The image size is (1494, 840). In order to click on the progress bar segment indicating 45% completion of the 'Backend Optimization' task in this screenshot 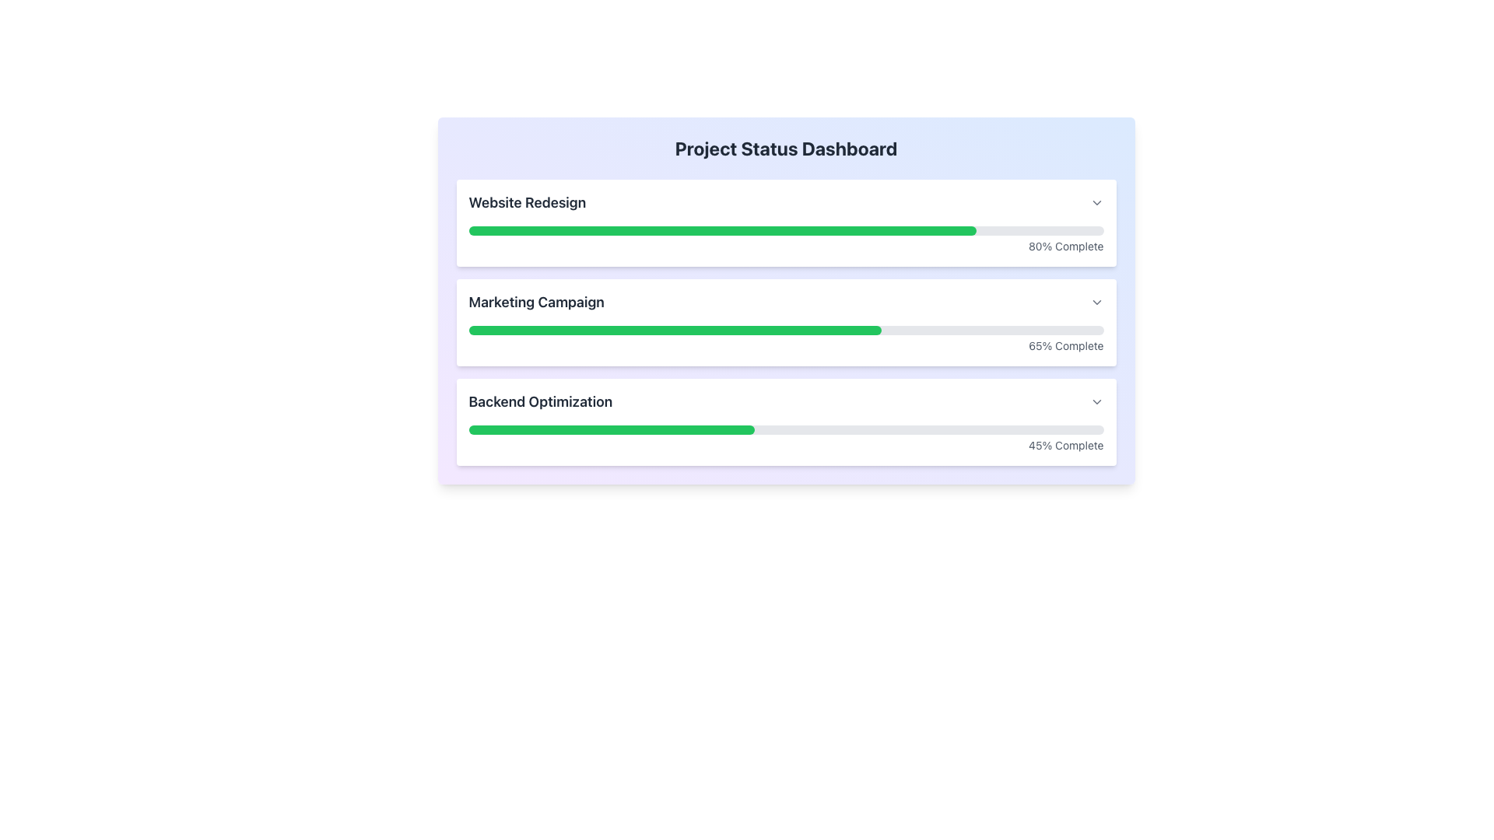, I will do `click(611, 429)`.